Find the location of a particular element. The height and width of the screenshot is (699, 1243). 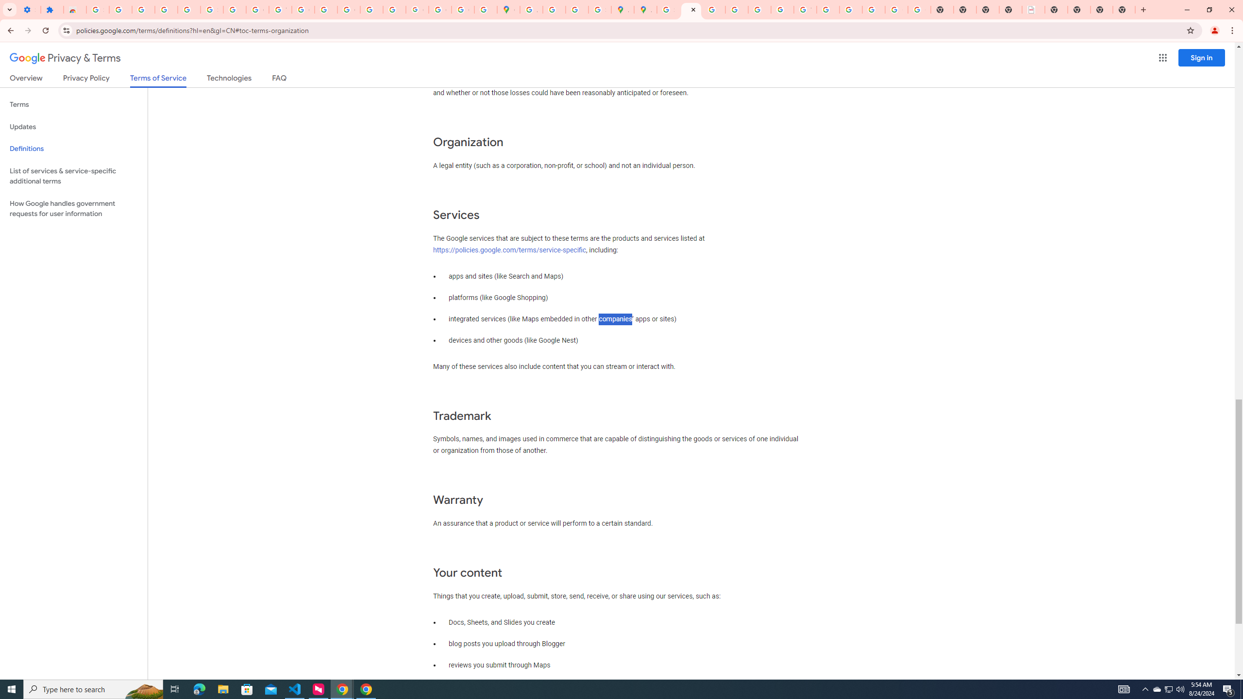

'https://policies.google.com/terms/service-specific' is located at coordinates (509, 249).